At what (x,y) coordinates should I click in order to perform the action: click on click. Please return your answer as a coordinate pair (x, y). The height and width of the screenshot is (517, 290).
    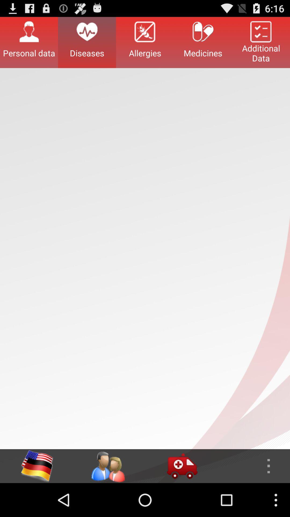
    Looking at the image, I should click on (182, 466).